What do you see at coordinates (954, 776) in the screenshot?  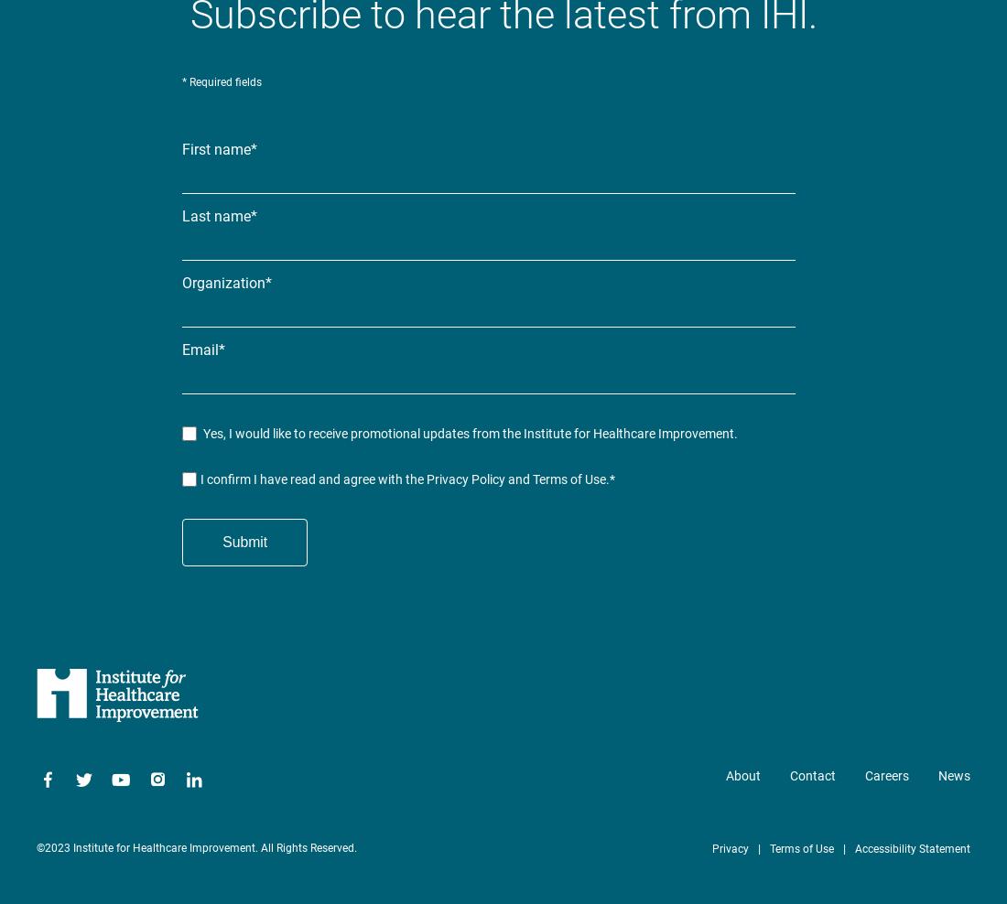 I see `'News'` at bounding box center [954, 776].